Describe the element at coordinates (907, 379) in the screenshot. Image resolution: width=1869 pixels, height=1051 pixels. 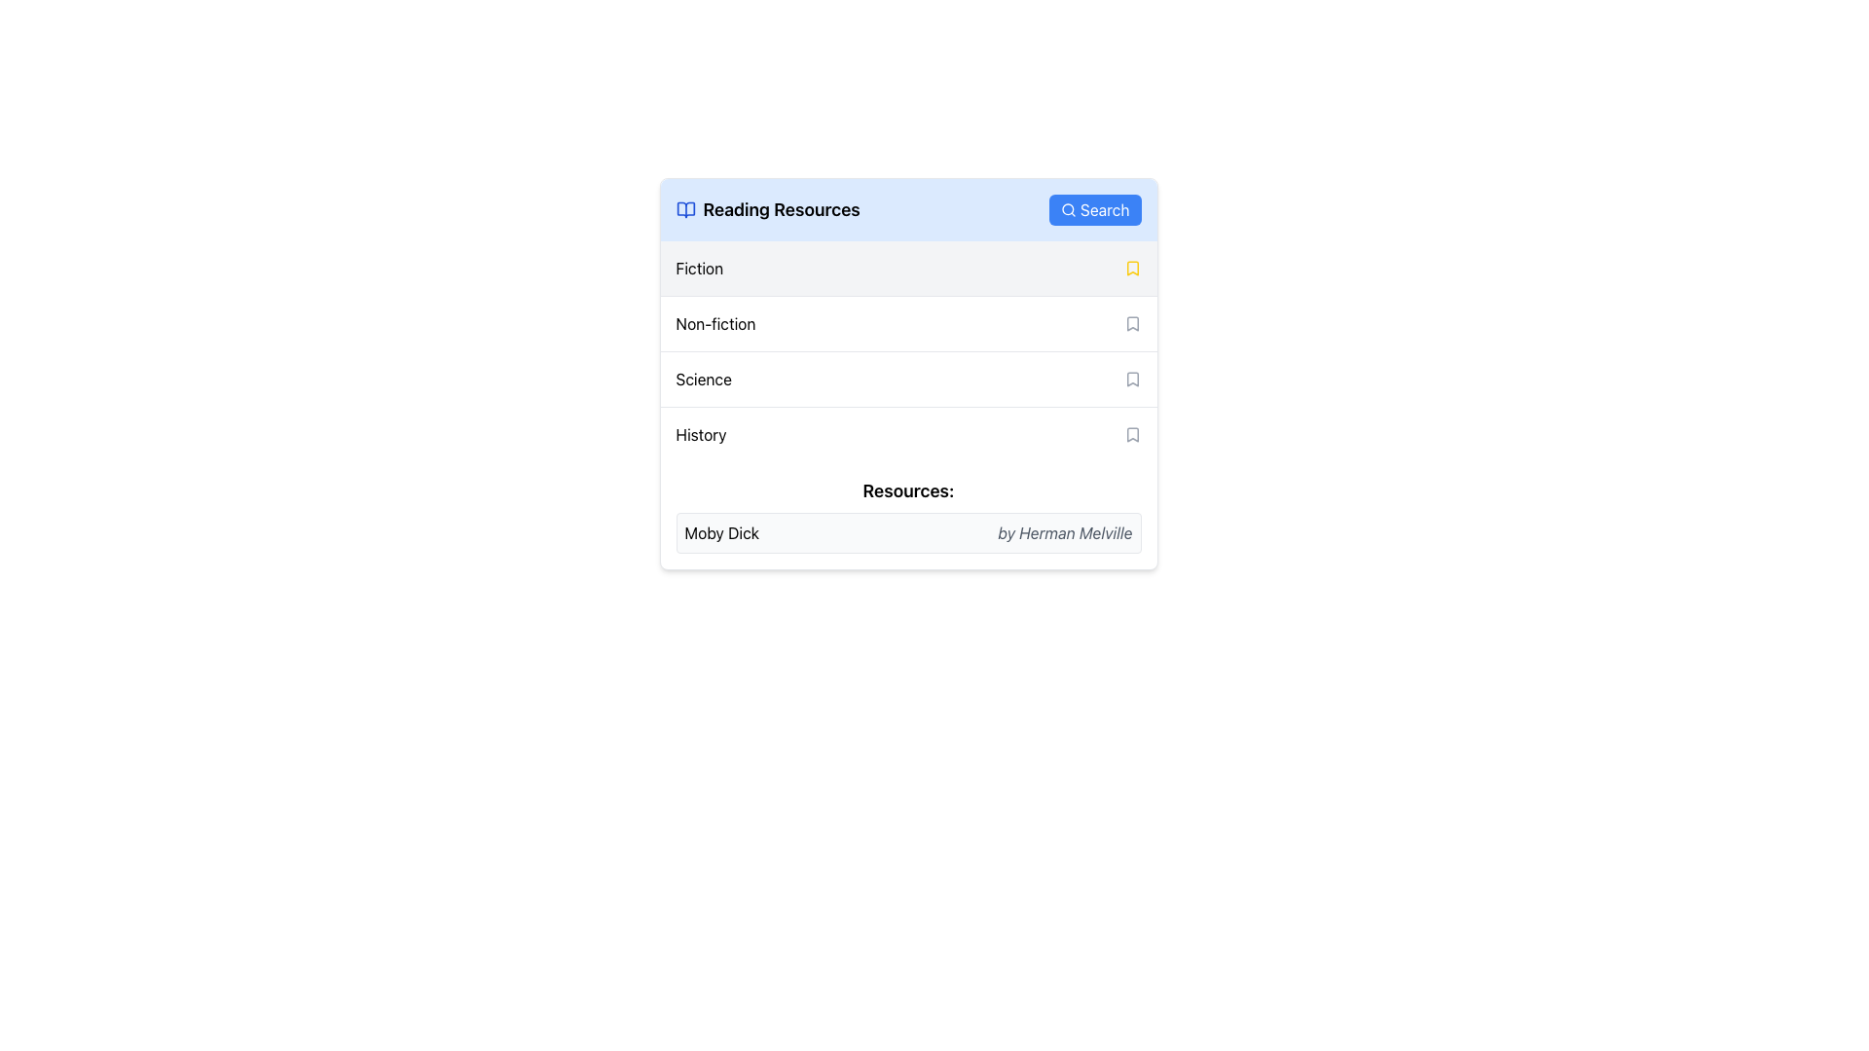
I see `the selectable list item titled 'Science' in the third row under 'Reading Resources'` at that location.